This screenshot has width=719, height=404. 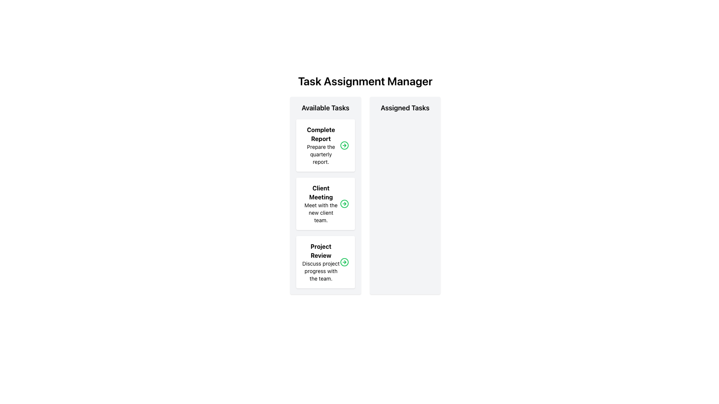 I want to click on the prominently displayed title 'Task Assignment Manager' at the top of the interface, which is bold and centered horizontally, so click(x=365, y=81).